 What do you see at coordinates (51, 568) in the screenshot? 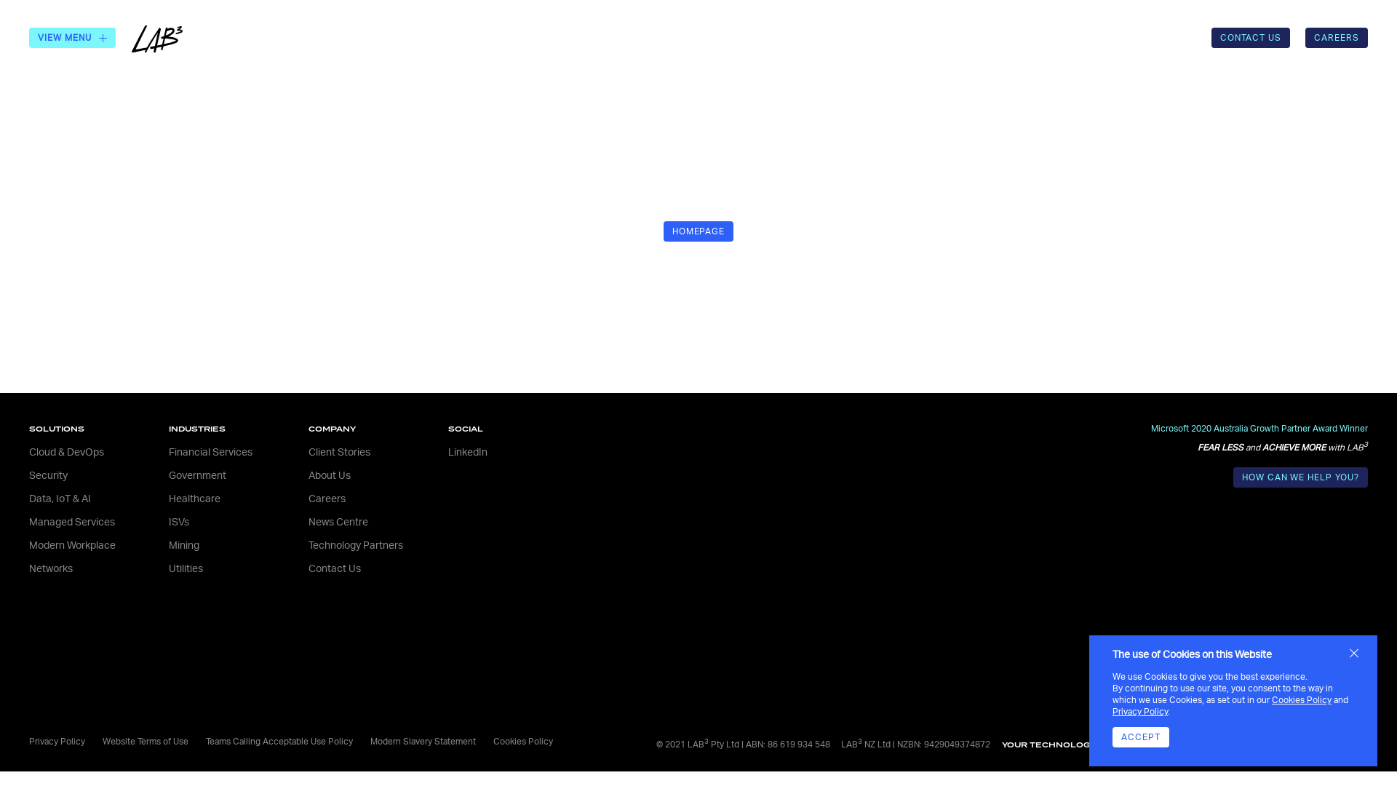
I see `'Networks'` at bounding box center [51, 568].